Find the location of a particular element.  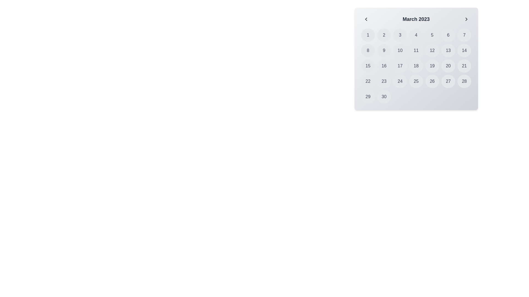

the circular button displaying the number '19' in the calendar grid is located at coordinates (432, 65).